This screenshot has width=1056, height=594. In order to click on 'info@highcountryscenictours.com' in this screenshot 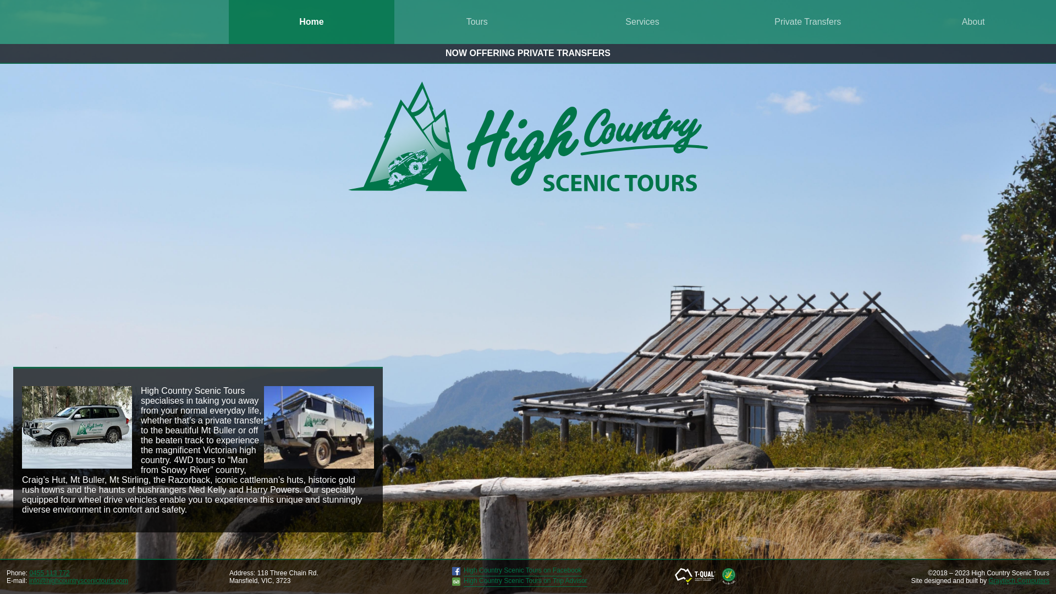, I will do `click(78, 580)`.